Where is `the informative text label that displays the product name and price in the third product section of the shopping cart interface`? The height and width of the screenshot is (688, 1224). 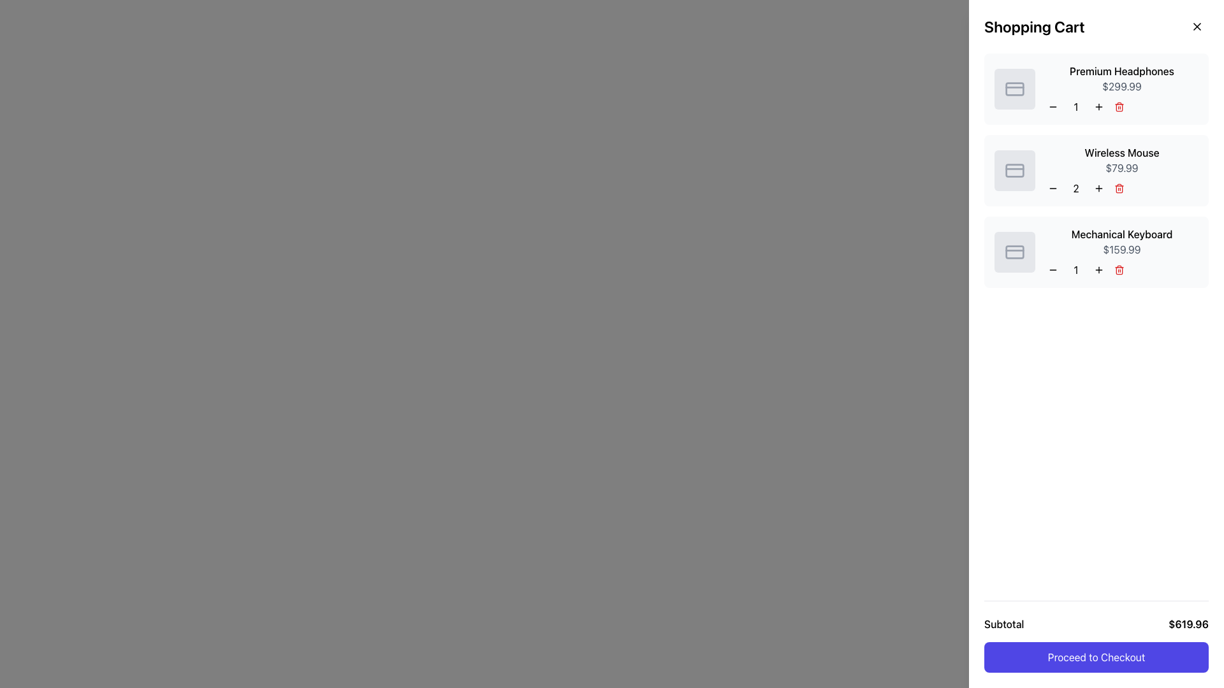 the informative text label that displays the product name and price in the third product section of the shopping cart interface is located at coordinates (1122, 252).